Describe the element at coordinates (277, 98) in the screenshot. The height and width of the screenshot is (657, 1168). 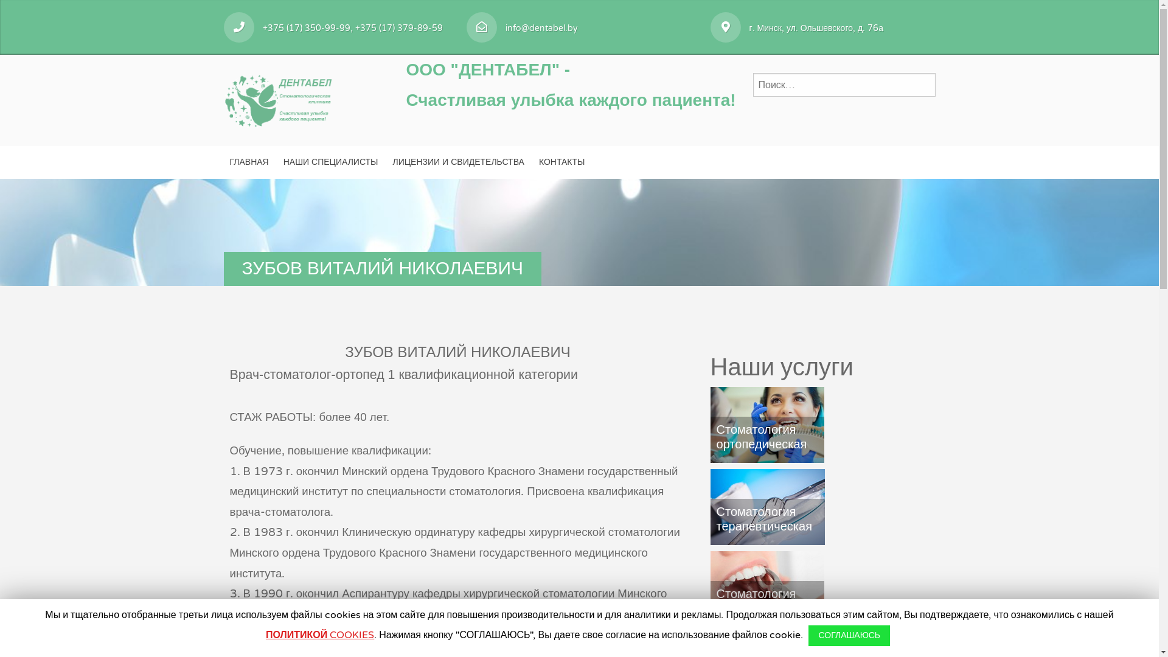
I see `'dentabel.by'` at that location.